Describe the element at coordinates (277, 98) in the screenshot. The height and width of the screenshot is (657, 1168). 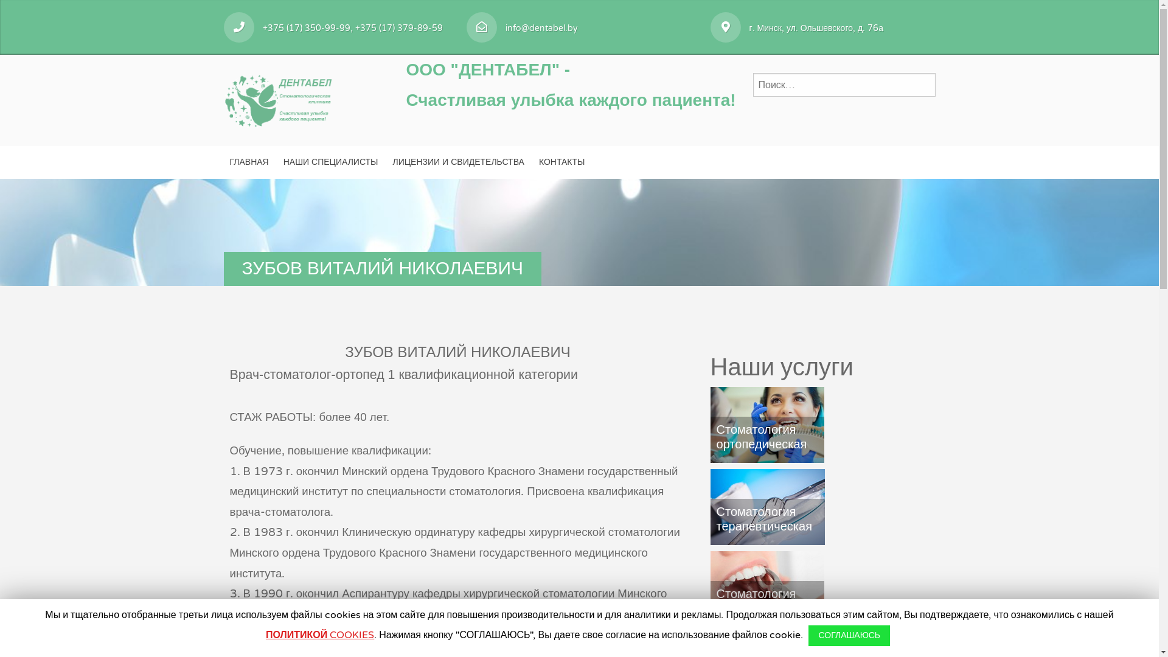
I see `'dentabel.by'` at that location.